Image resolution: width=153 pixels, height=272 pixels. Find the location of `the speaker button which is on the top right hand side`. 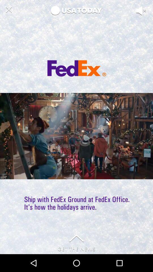

the speaker button which is on the top right hand side is located at coordinates (146, 19).